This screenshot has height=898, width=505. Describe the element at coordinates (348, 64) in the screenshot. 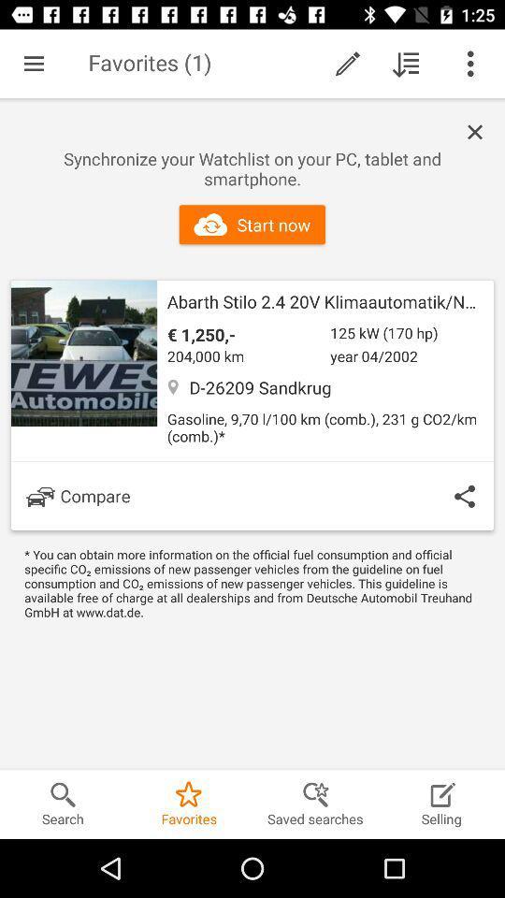

I see `item to the right of favorites (1) item` at that location.